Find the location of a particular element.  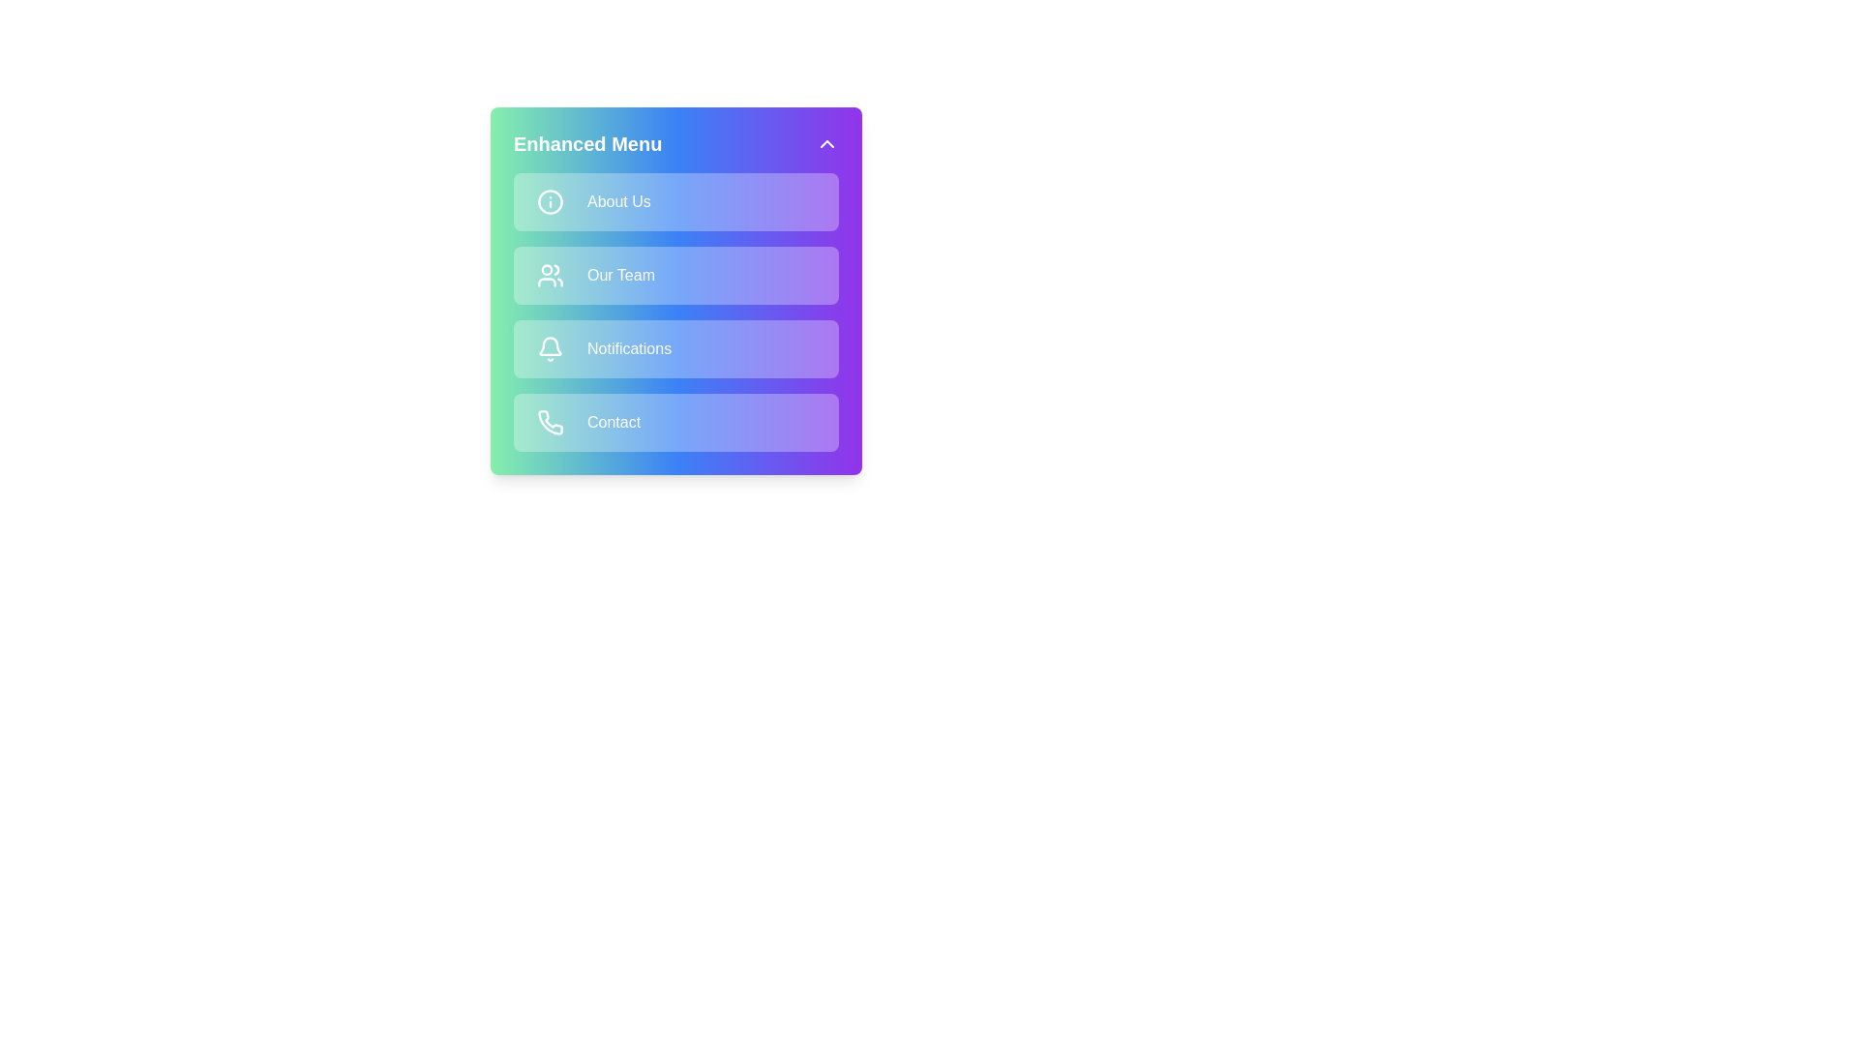

the menu item labeled Our Team to observe its hover effect is located at coordinates (676, 276).